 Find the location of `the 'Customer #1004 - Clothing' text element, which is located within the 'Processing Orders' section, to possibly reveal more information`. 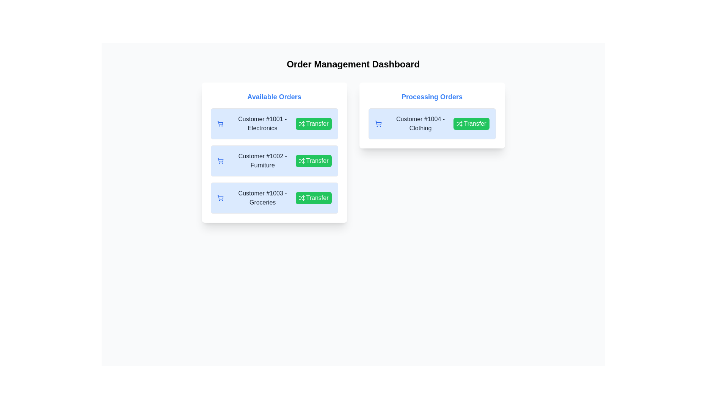

the 'Customer #1004 - Clothing' text element, which is located within the 'Processing Orders' section, to possibly reveal more information is located at coordinates (420, 123).